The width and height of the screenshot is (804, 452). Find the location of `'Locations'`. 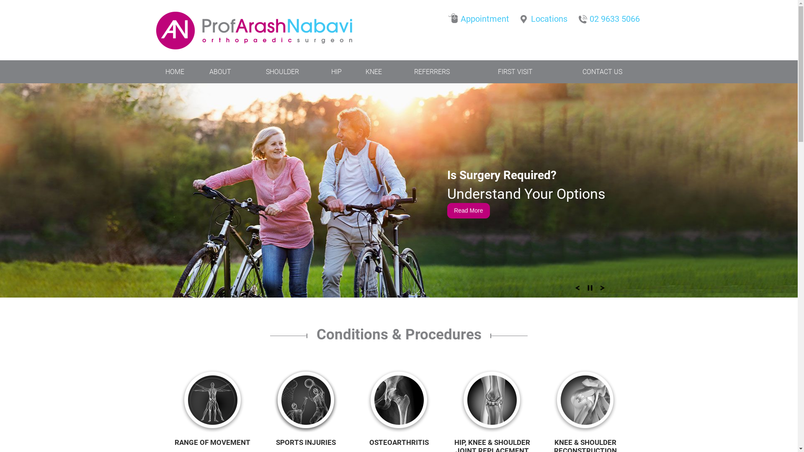

'Locations' is located at coordinates (545, 16).